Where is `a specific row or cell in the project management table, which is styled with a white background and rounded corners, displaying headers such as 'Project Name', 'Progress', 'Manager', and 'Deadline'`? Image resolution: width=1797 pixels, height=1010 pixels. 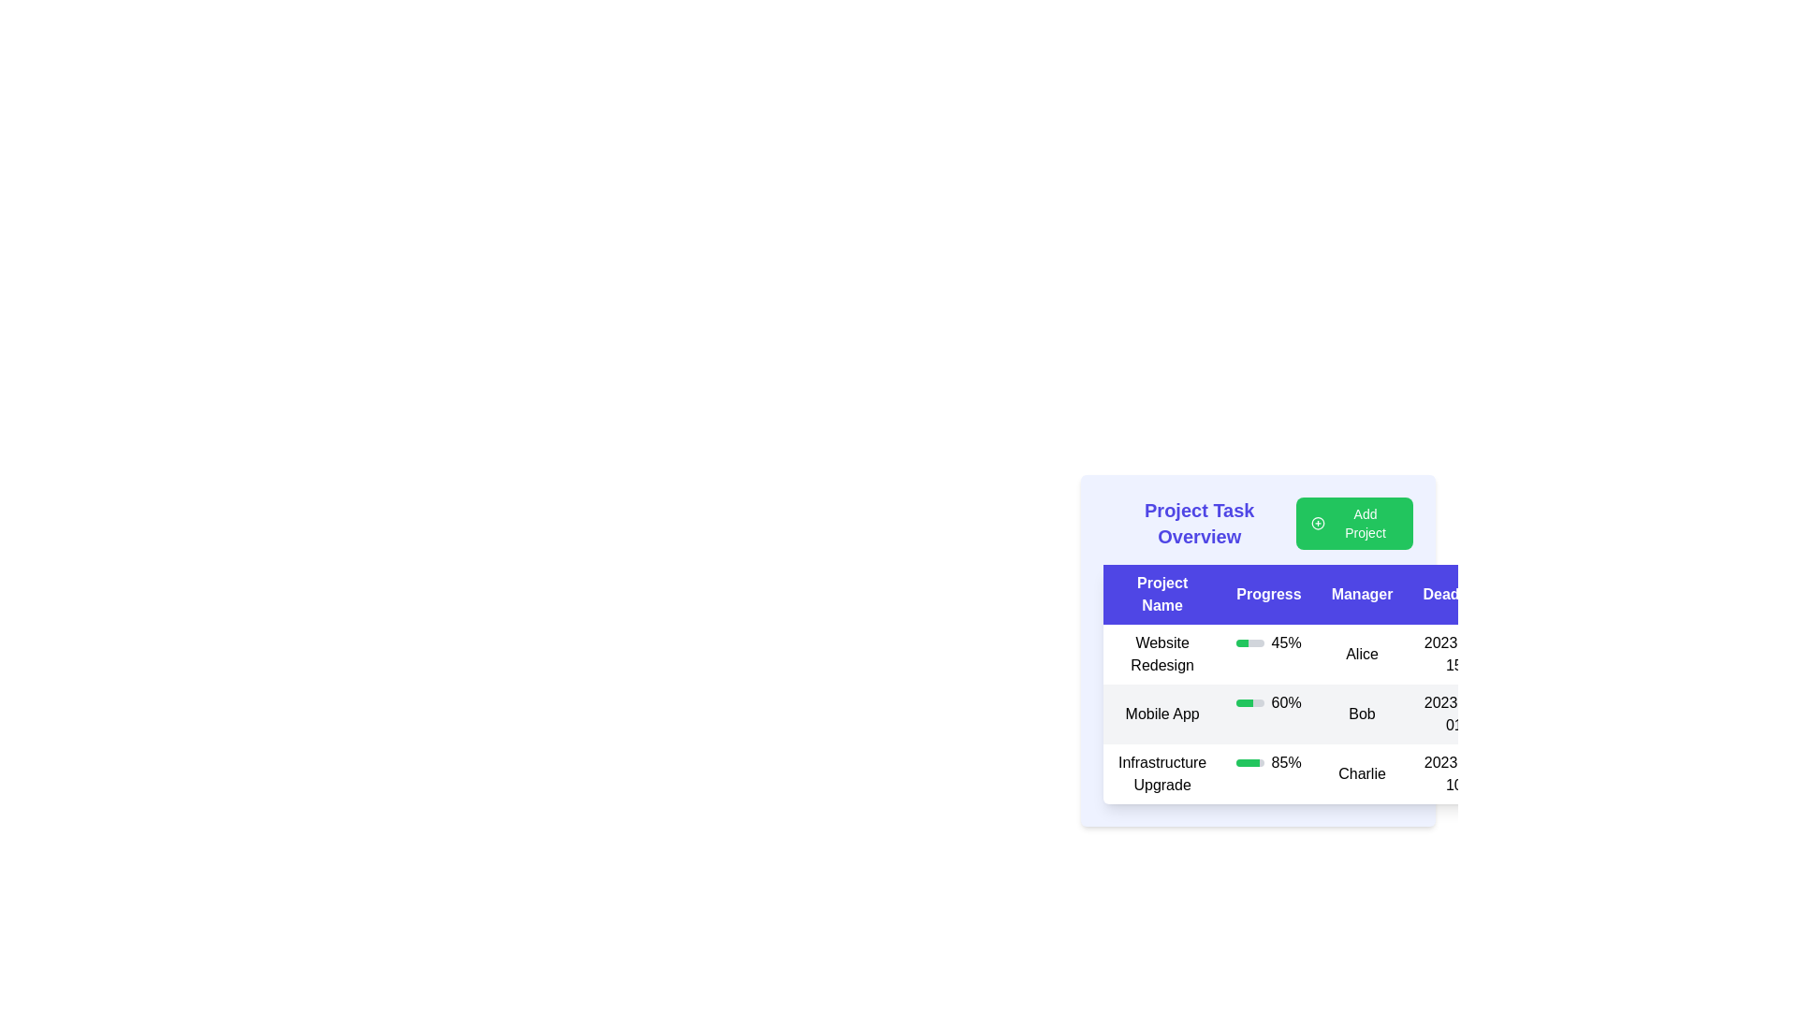 a specific row or cell in the project management table, which is styled with a white background and rounded corners, displaying headers such as 'Project Name', 'Progress', 'Manager', and 'Deadline' is located at coordinates (1301, 685).